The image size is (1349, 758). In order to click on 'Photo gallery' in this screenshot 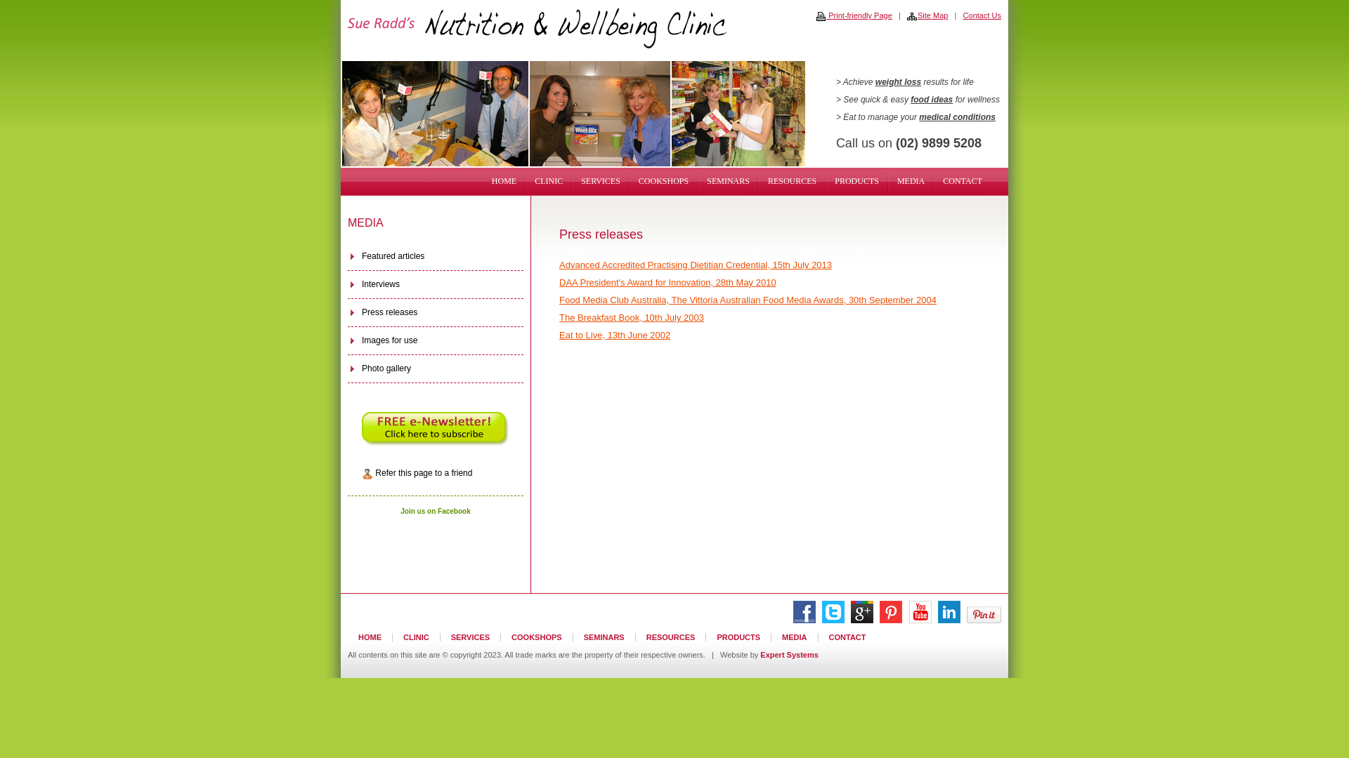, I will do `click(347, 368)`.